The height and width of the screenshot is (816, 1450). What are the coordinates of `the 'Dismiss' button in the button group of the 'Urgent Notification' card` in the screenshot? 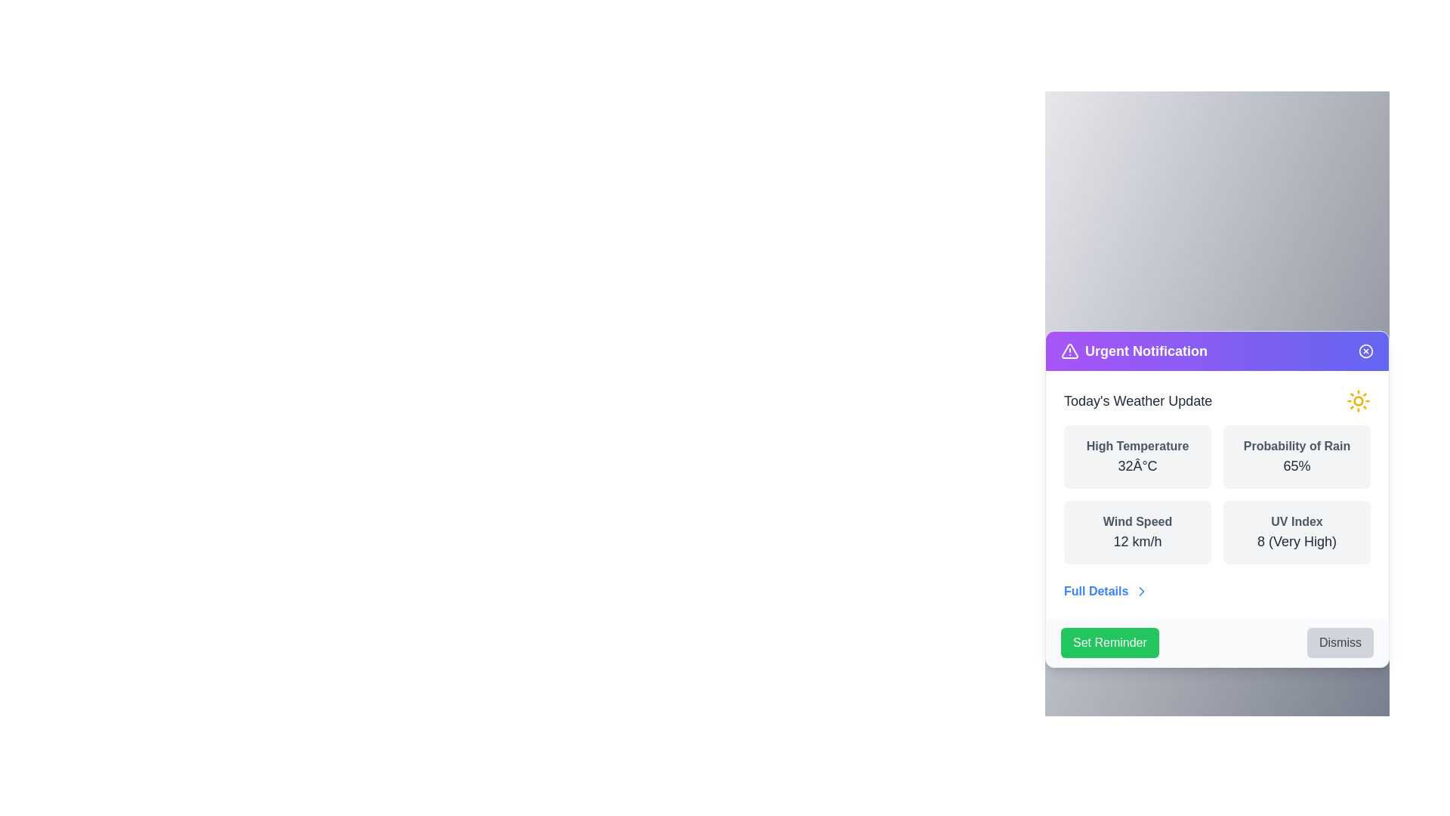 It's located at (1217, 643).